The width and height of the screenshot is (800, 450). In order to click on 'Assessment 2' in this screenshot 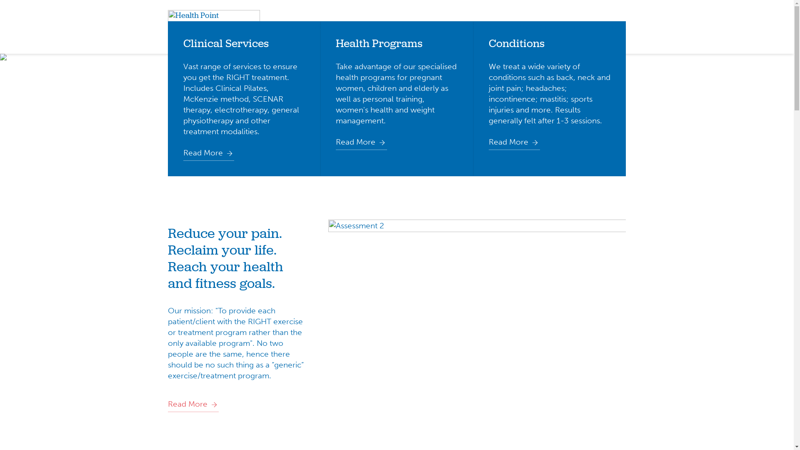, I will do `click(477, 318)`.